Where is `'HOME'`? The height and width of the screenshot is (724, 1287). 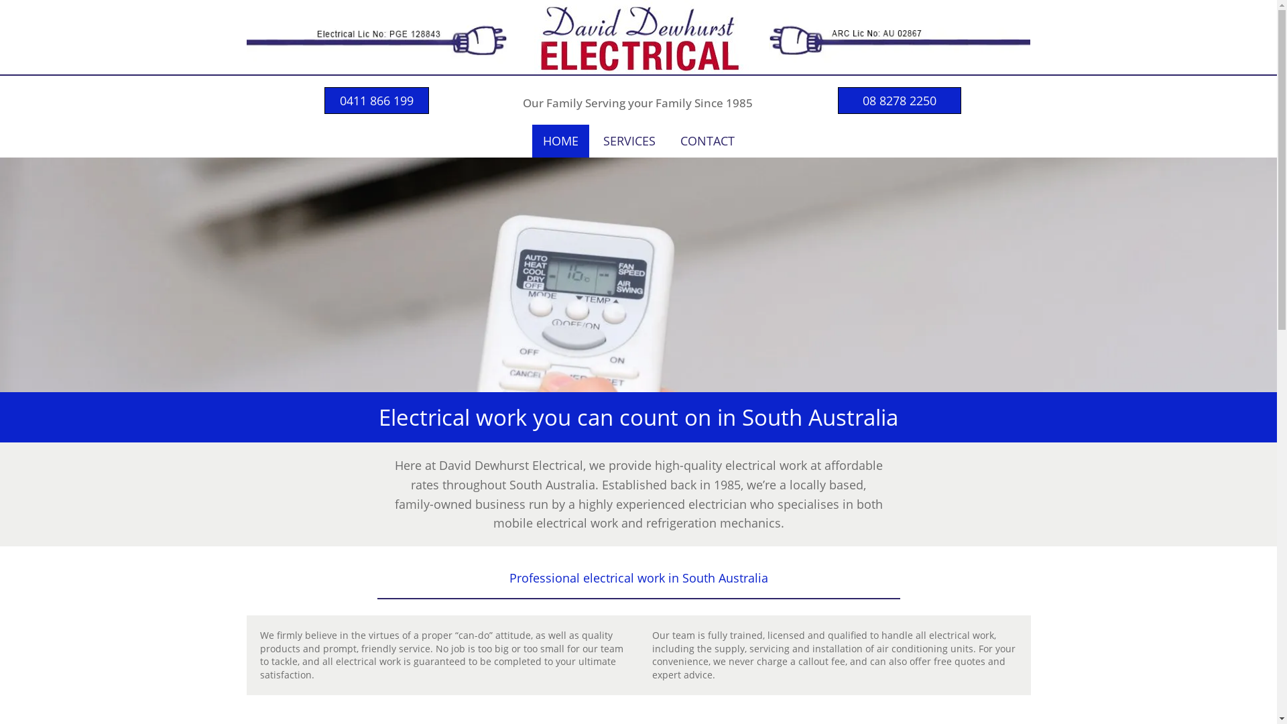 'HOME' is located at coordinates (560, 141).